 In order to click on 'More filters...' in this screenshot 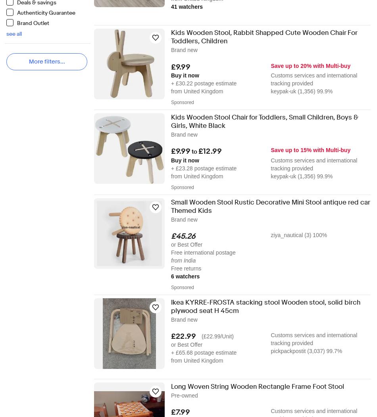, I will do `click(46, 62)`.